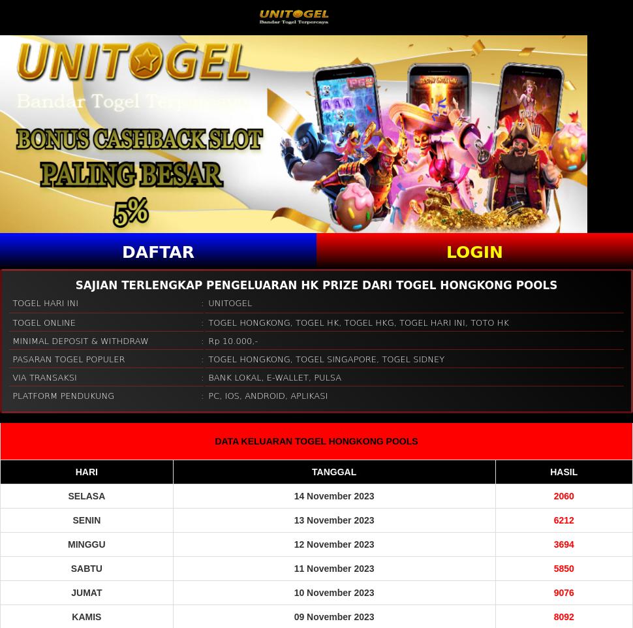 The image size is (633, 628). Describe the element at coordinates (474, 251) in the screenshot. I see `'LOGIN'` at that location.